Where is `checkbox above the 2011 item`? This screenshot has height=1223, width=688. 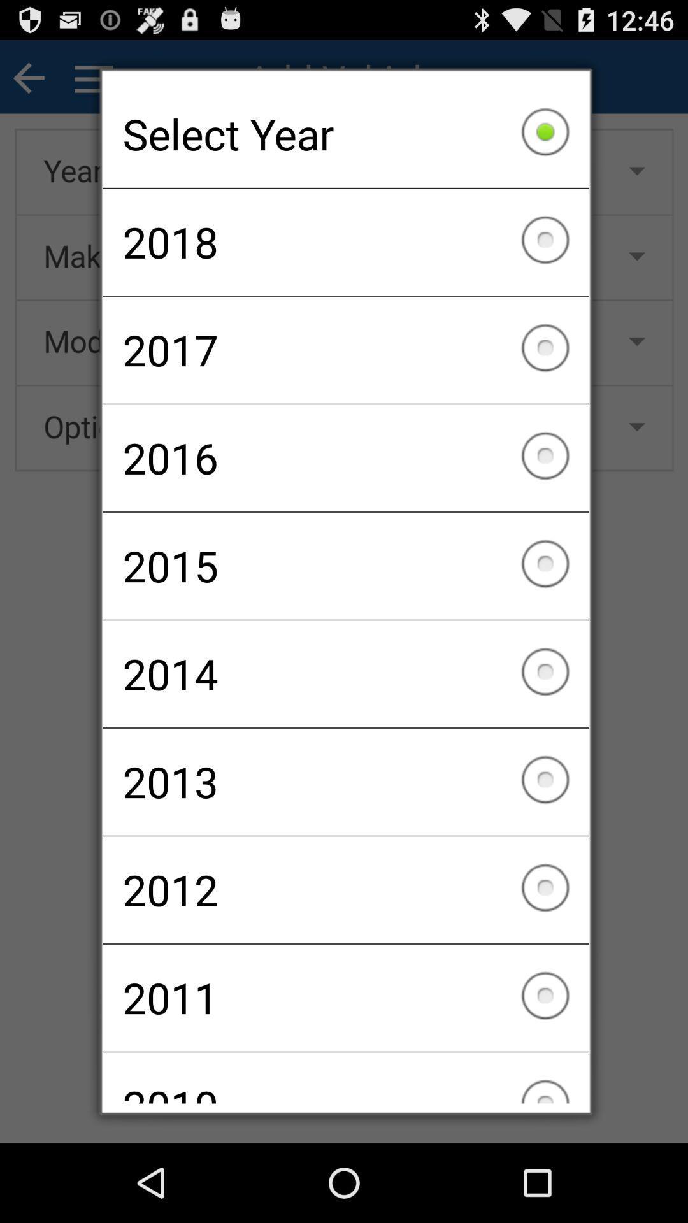
checkbox above the 2011 item is located at coordinates (345, 889).